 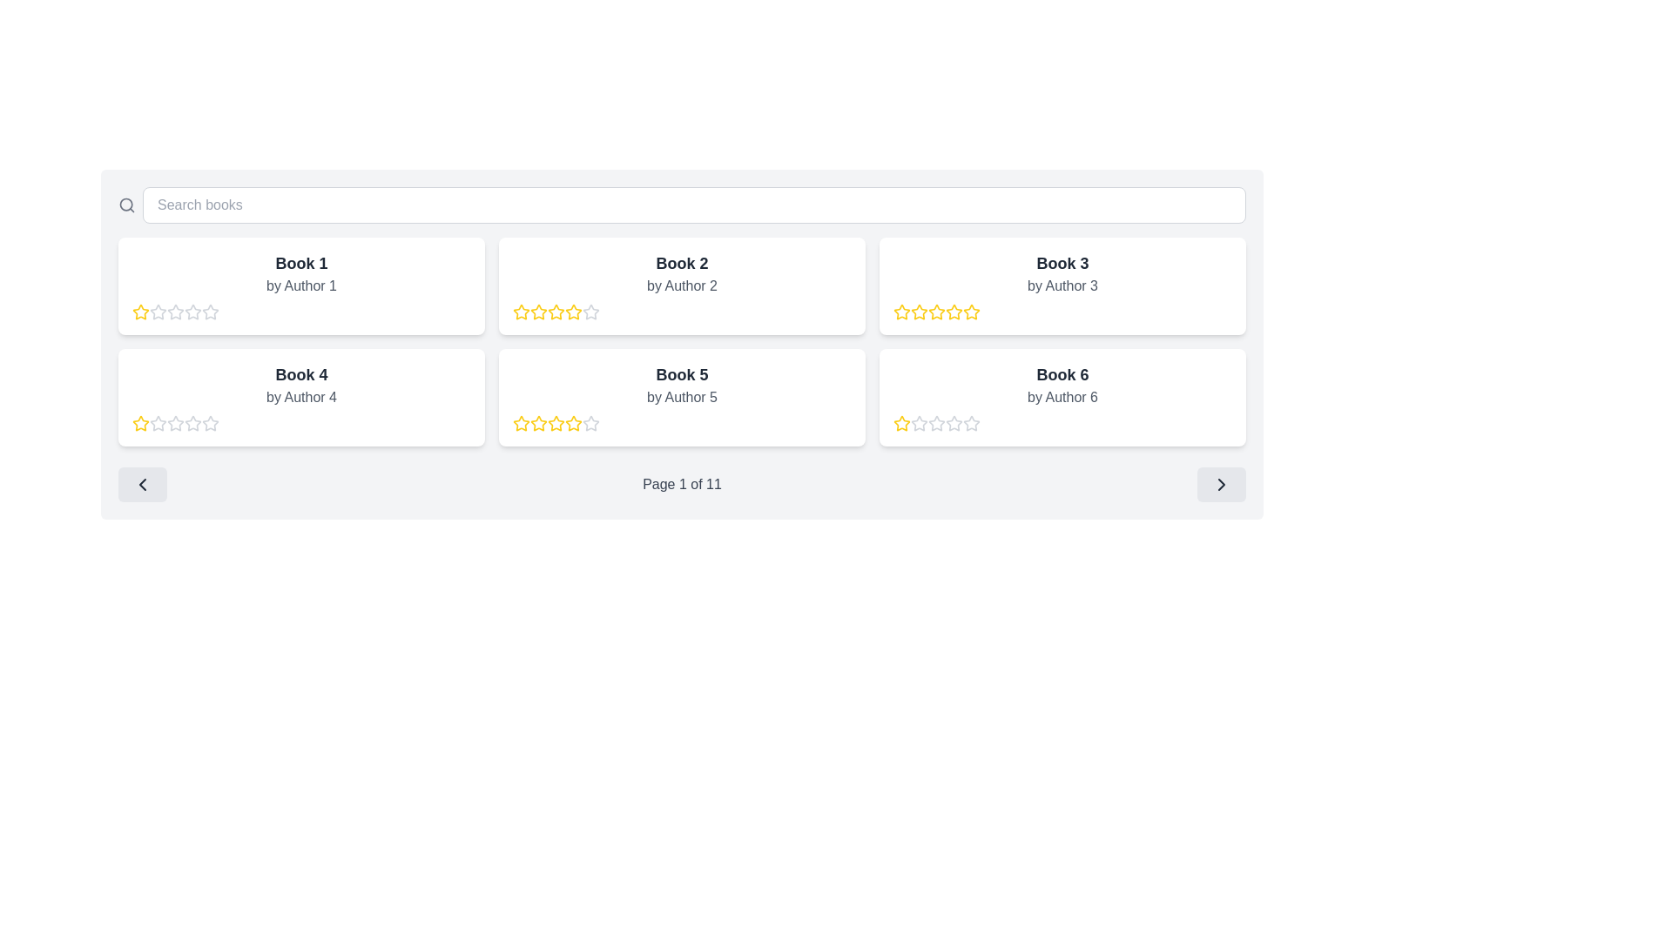 I want to click on the text label displaying 'by Author 1', which is styled in light gray and located beneath the title 'Book 1' in the first card of a grid layout, so click(x=301, y=285).